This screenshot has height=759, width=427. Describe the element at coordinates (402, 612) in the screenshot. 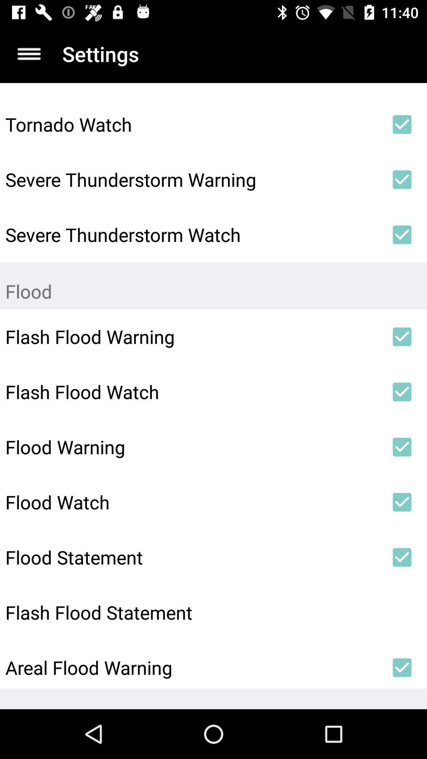

I see `the icon to the right of the flash flood statement` at that location.